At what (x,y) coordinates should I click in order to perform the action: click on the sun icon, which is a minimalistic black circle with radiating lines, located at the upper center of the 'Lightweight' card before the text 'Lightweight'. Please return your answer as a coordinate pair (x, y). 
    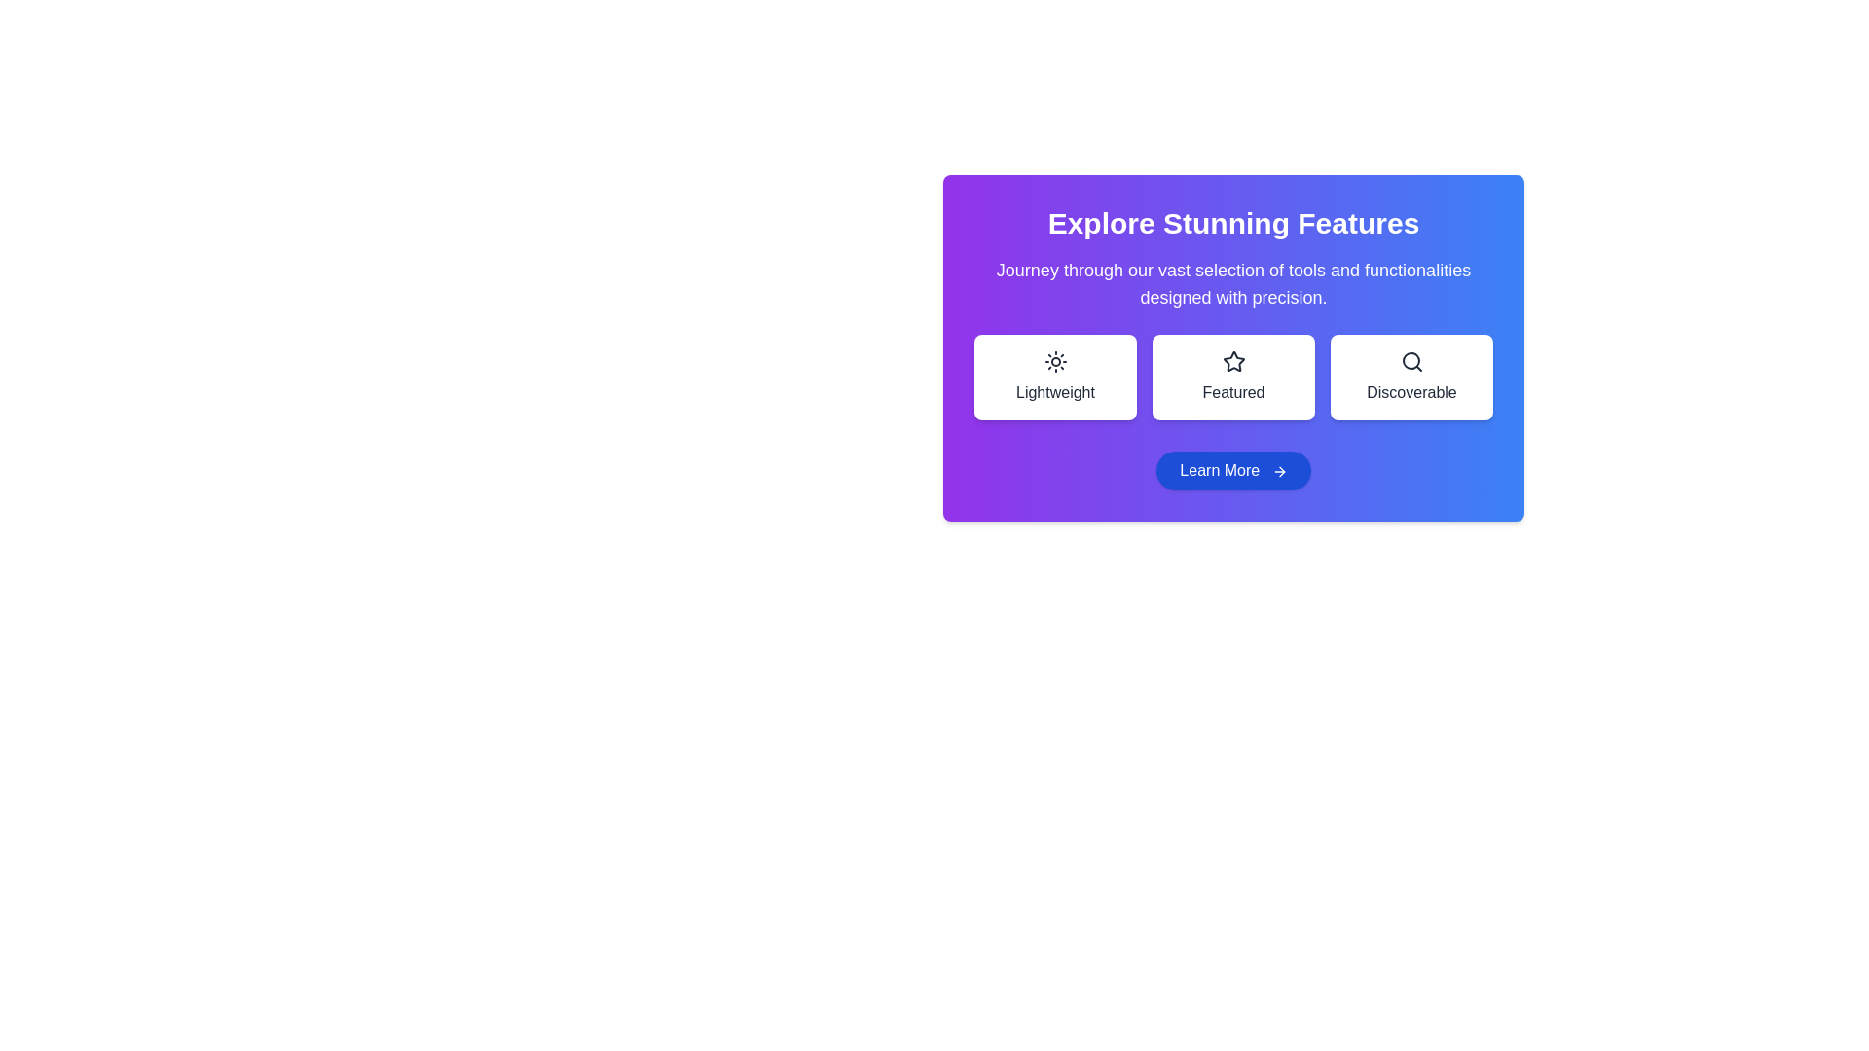
    Looking at the image, I should click on (1054, 361).